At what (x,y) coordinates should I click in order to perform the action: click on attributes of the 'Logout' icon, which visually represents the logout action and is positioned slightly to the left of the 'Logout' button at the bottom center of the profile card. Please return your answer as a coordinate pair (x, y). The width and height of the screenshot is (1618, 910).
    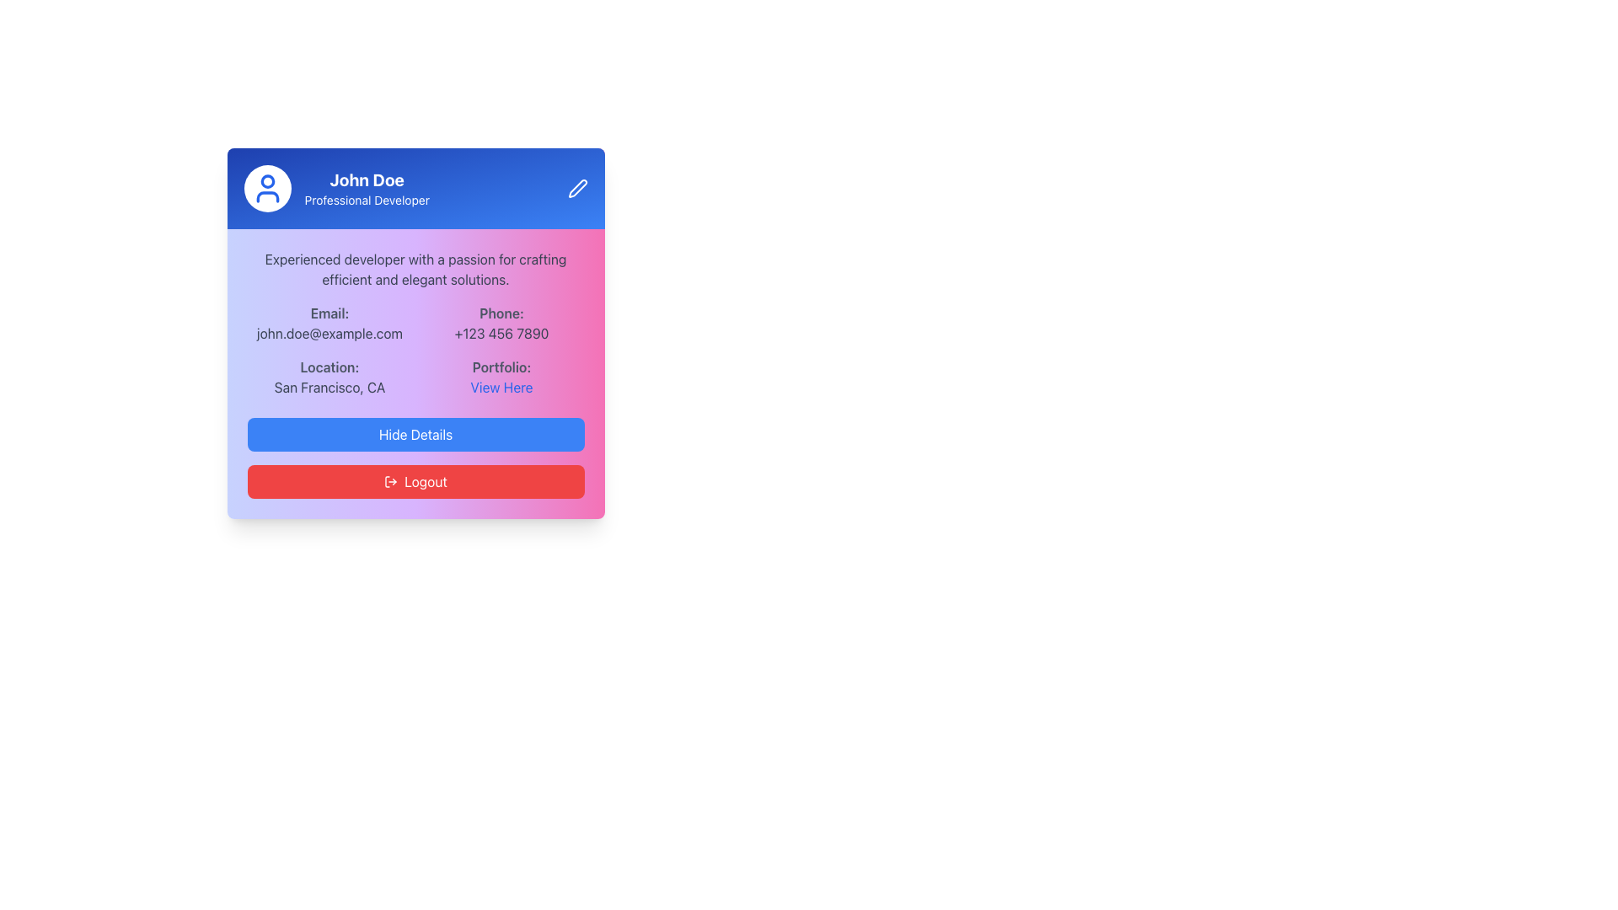
    Looking at the image, I should click on (390, 481).